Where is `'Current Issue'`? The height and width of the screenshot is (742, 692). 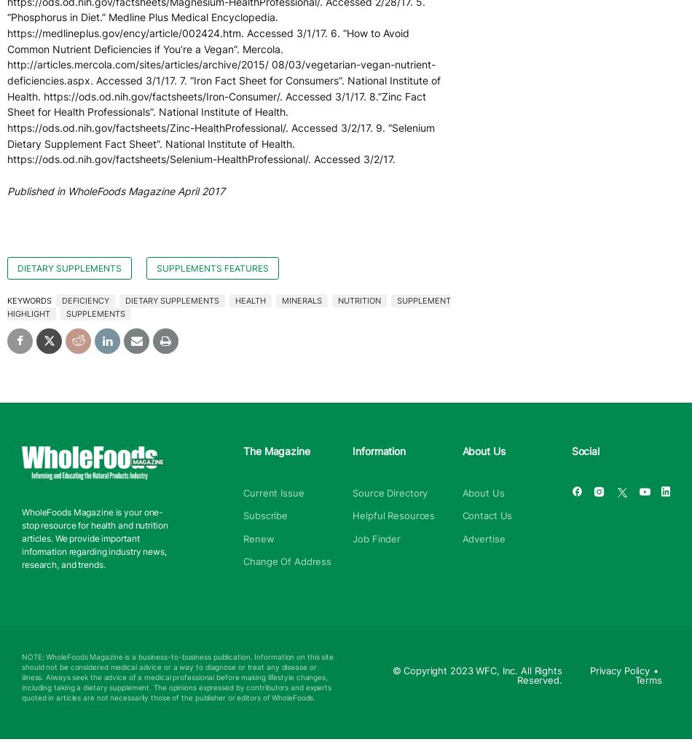
'Current Issue' is located at coordinates (272, 492).